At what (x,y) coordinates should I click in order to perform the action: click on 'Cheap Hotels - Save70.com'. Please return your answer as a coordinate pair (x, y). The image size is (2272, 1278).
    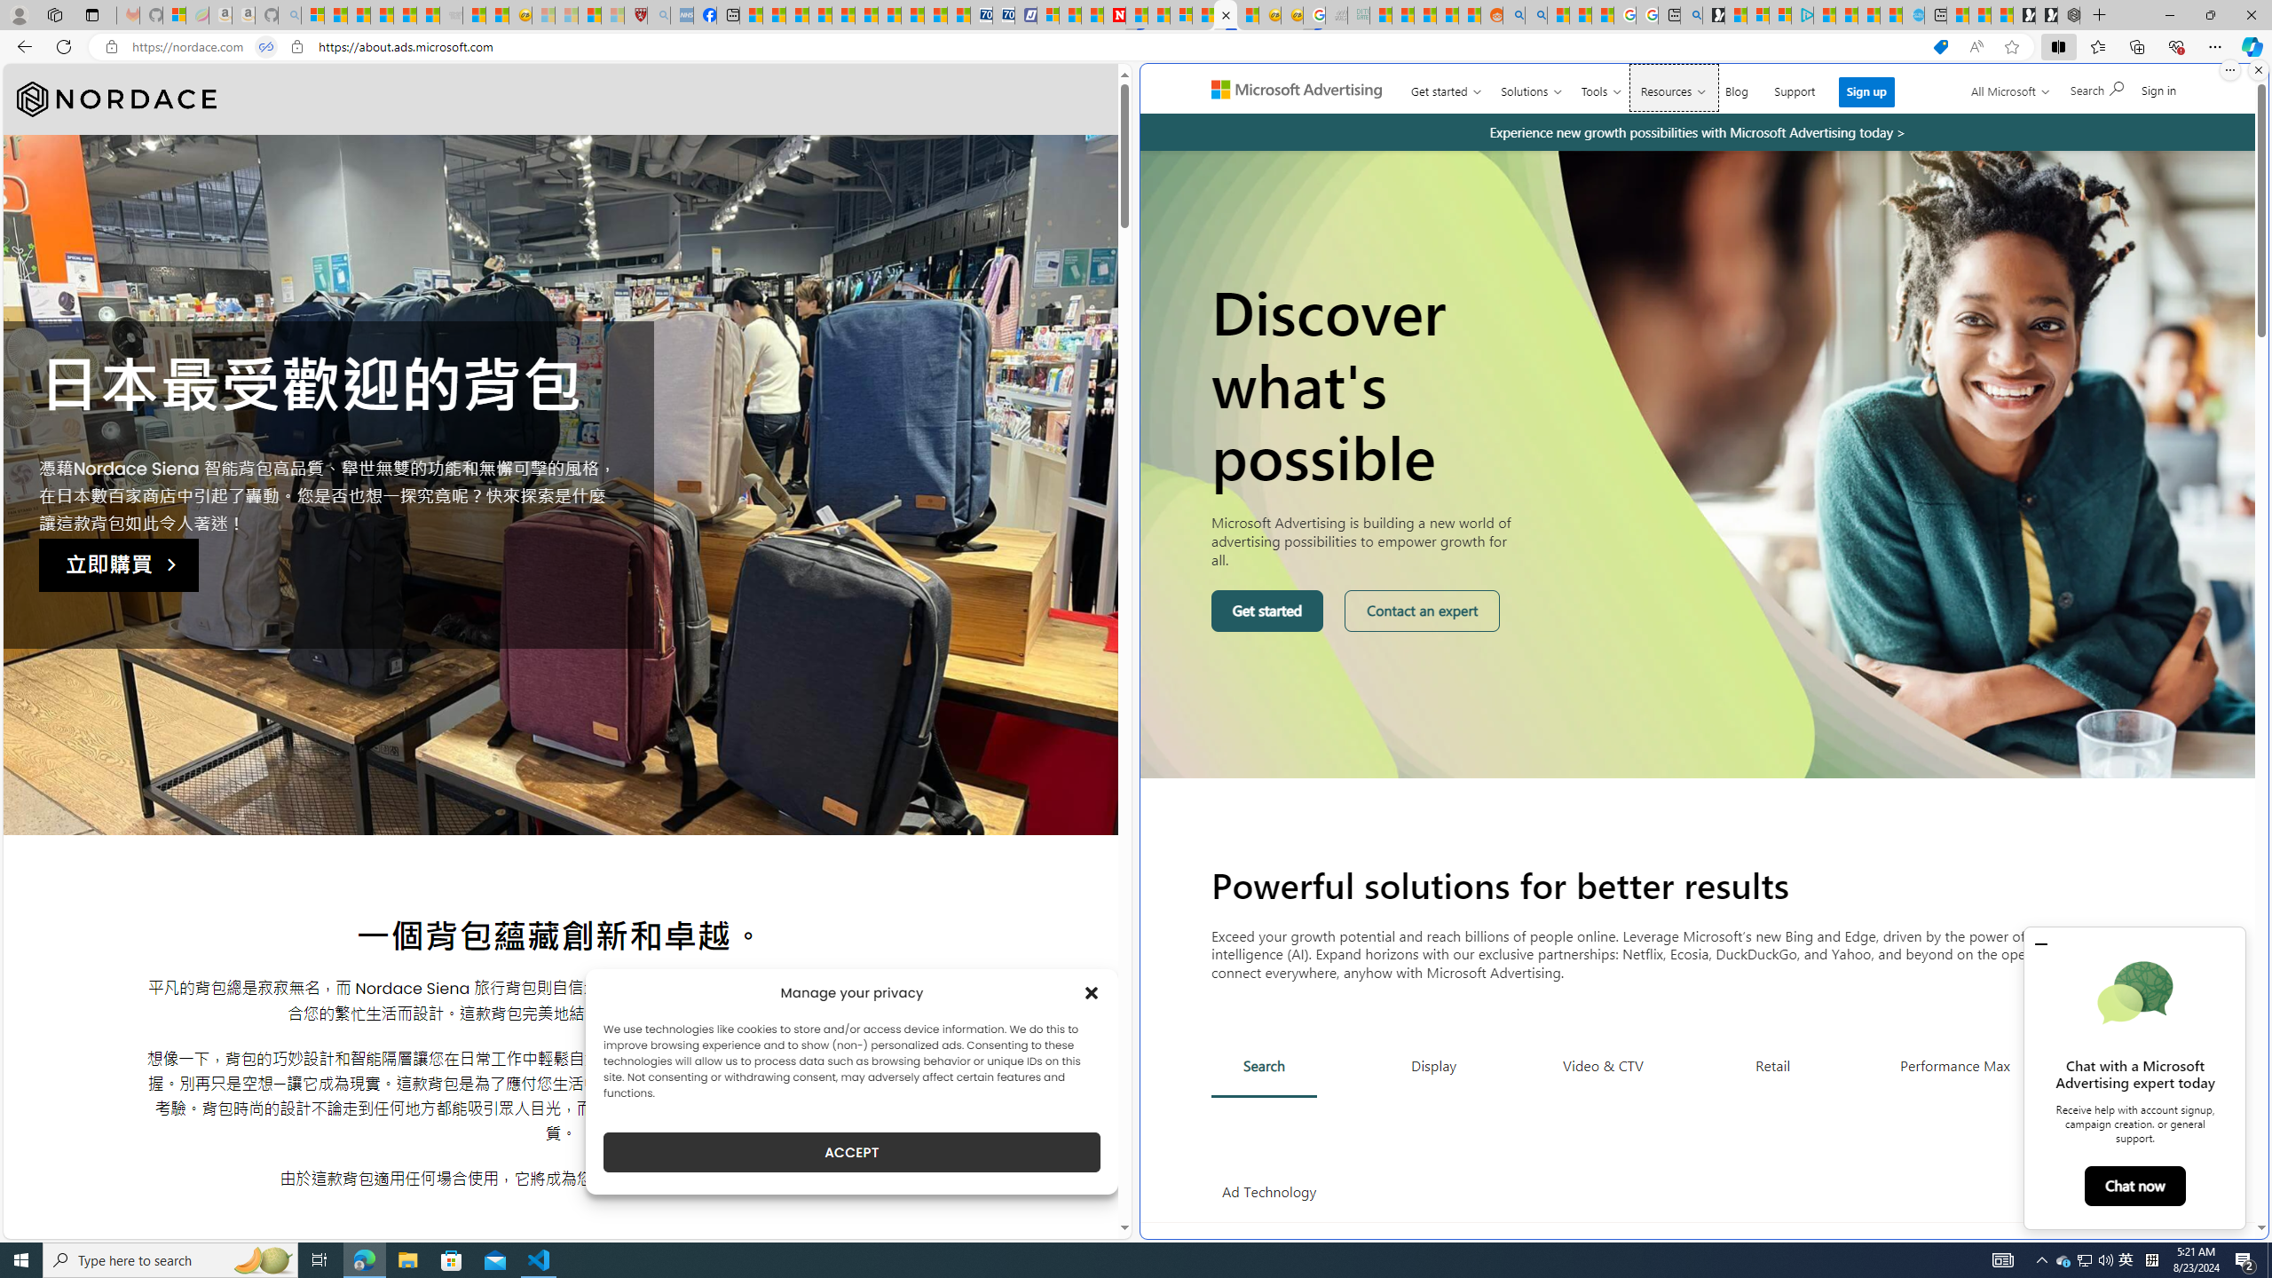
    Looking at the image, I should click on (1003, 14).